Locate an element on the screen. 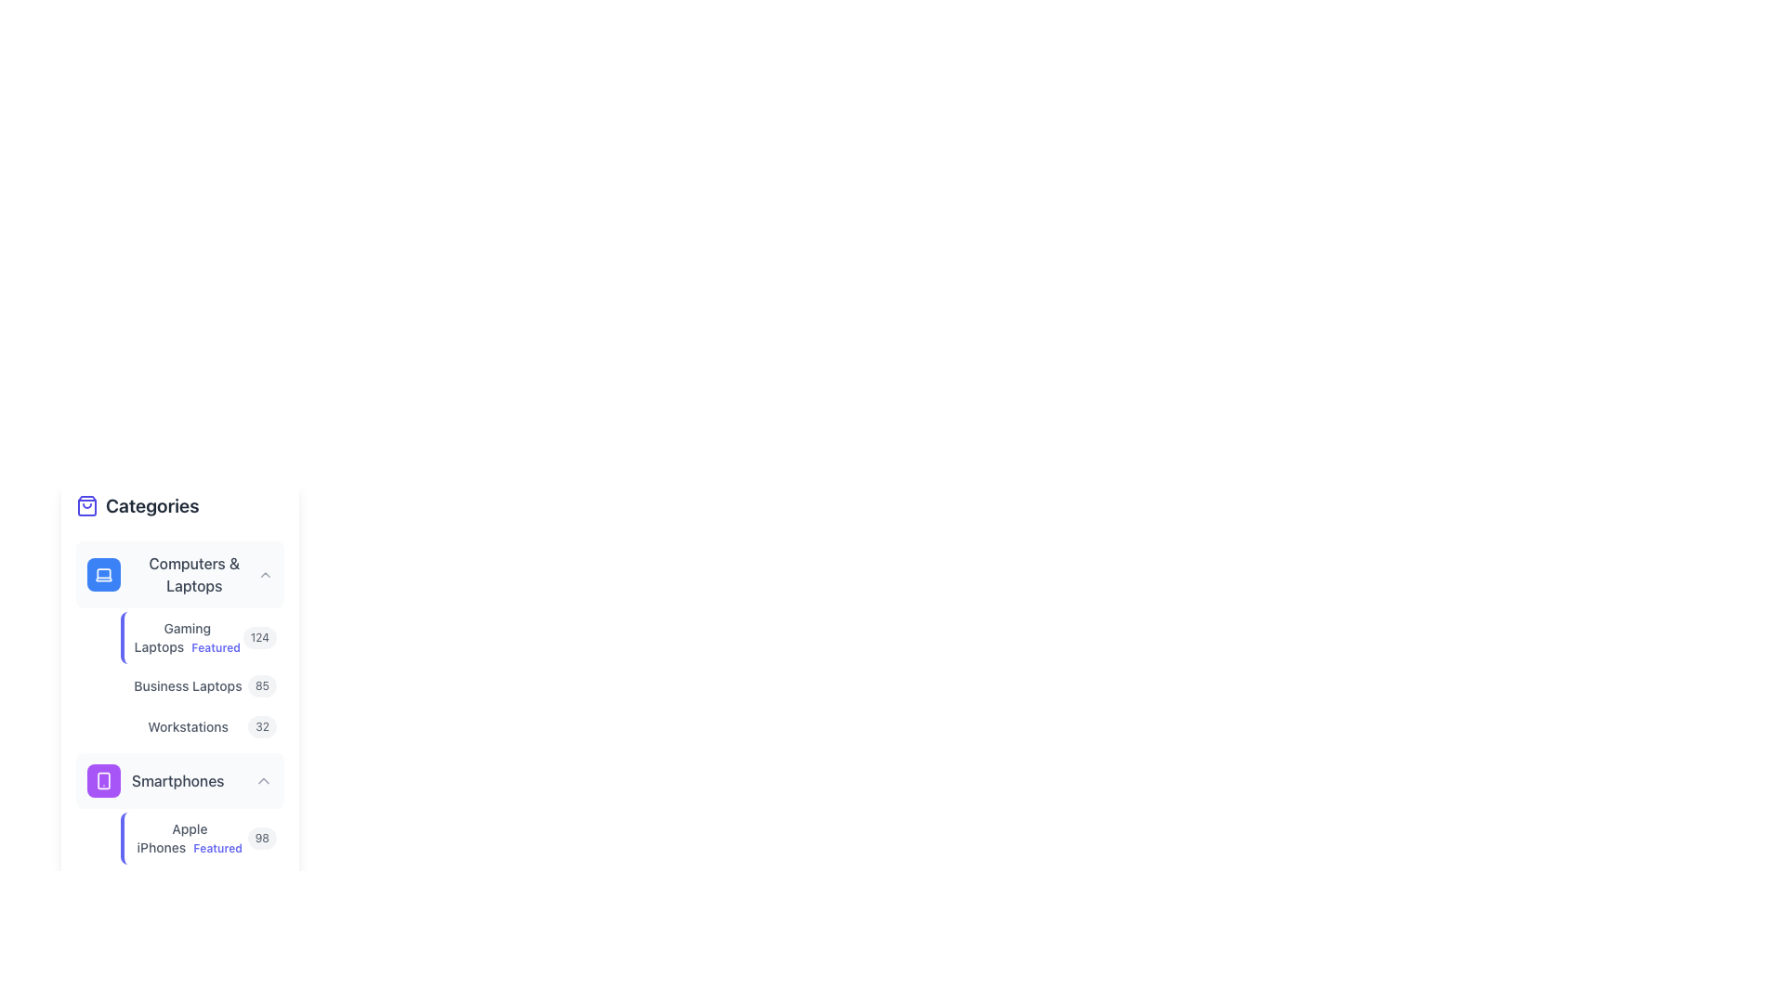 This screenshot has width=1784, height=1003. the 'Smartphones' category icon located in the sidebar navigation, which is directly below the 'Computers & Laptops' section is located at coordinates (102, 780).